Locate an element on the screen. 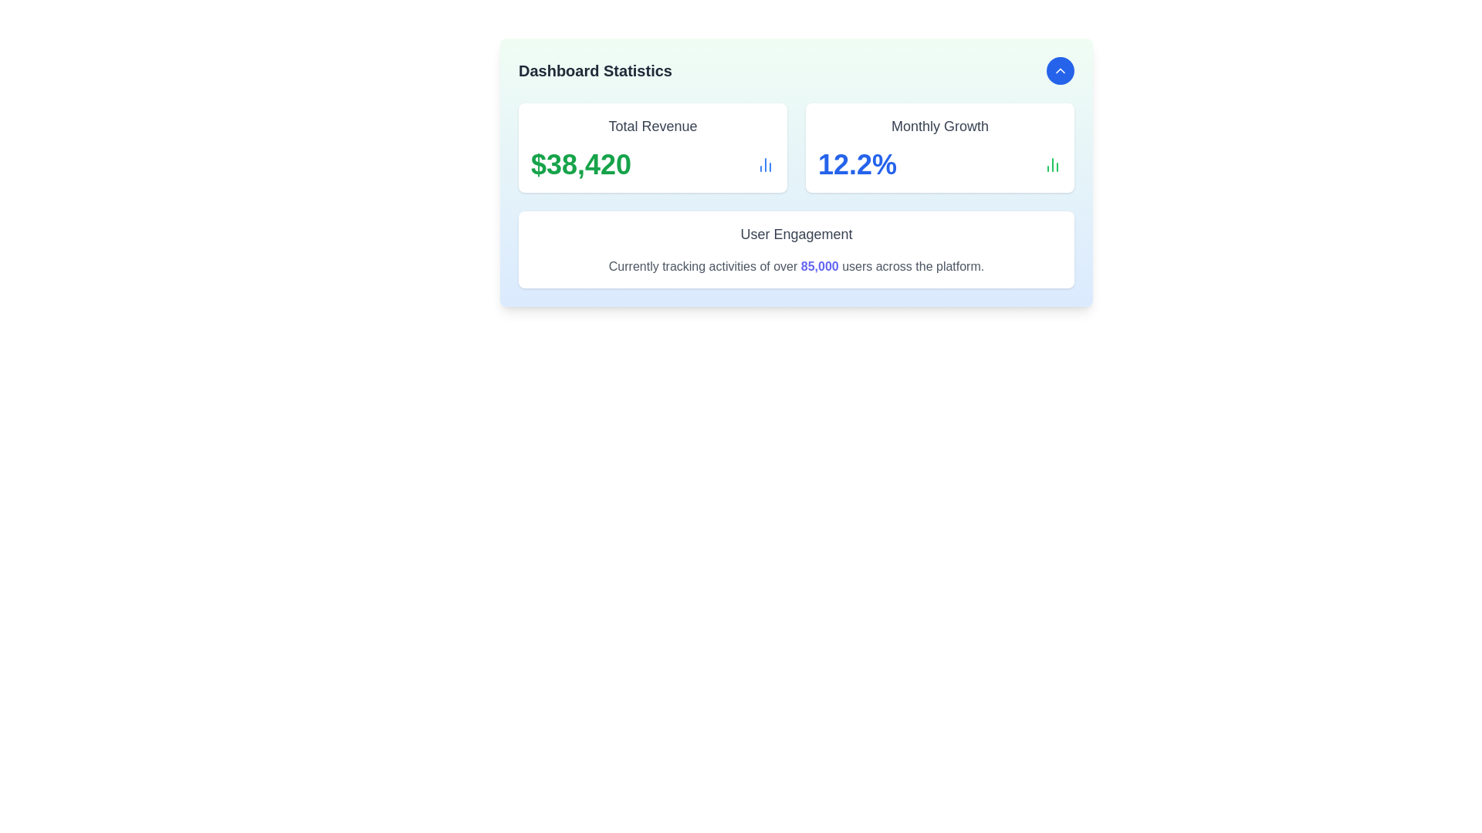  the 'Monthly Growth' informational card, which features a white background, rounded corners, and displays 'Monthly Growth' in dark-gray and '12.2%' in blue is located at coordinates (939, 148).